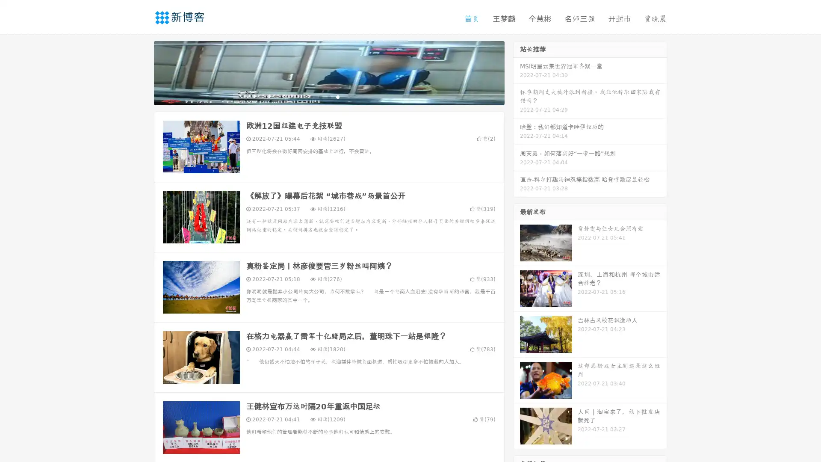 The width and height of the screenshot is (821, 462). I want to click on Go to slide 1, so click(320, 96).